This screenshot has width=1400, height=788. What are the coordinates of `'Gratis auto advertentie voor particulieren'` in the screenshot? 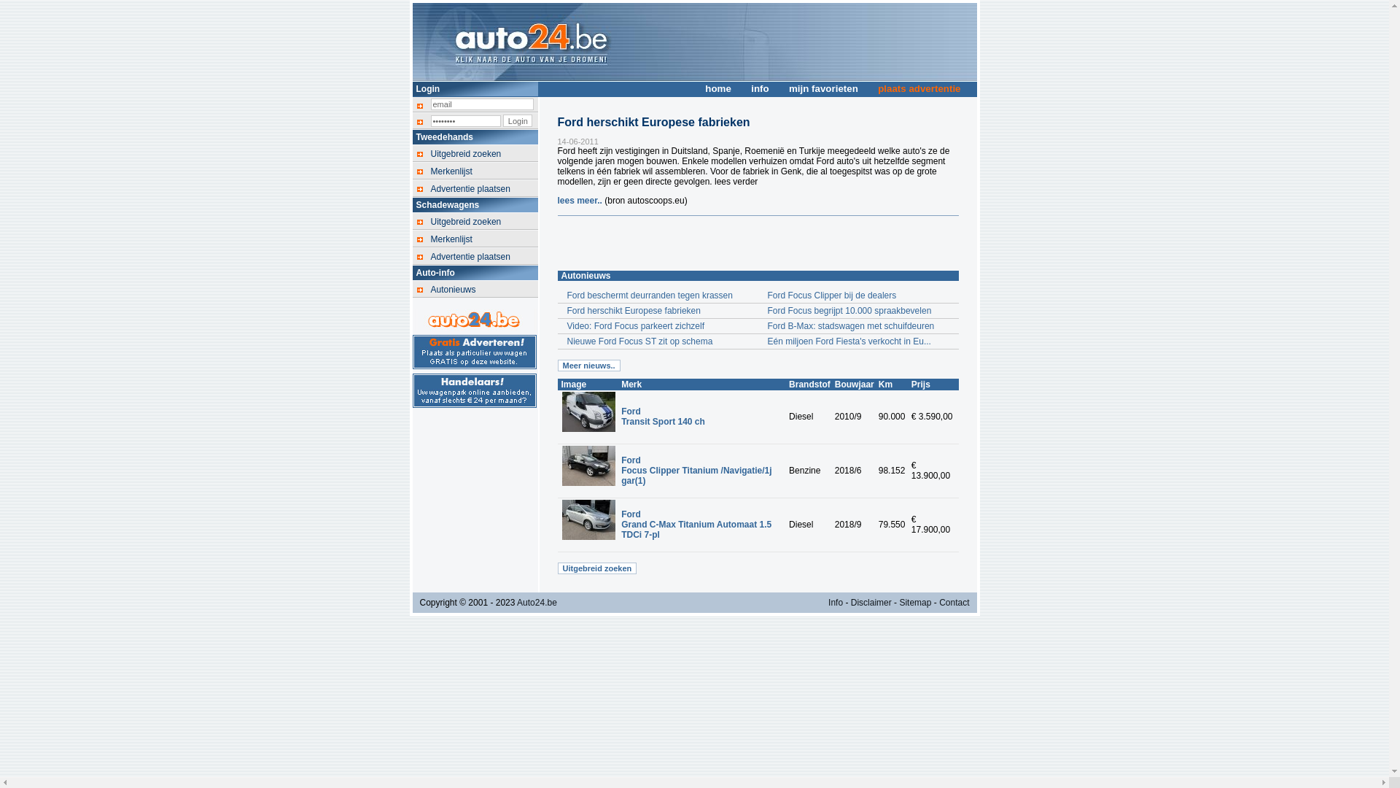 It's located at (475, 352).